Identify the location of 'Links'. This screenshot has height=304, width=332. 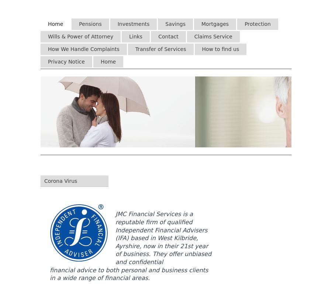
(129, 36).